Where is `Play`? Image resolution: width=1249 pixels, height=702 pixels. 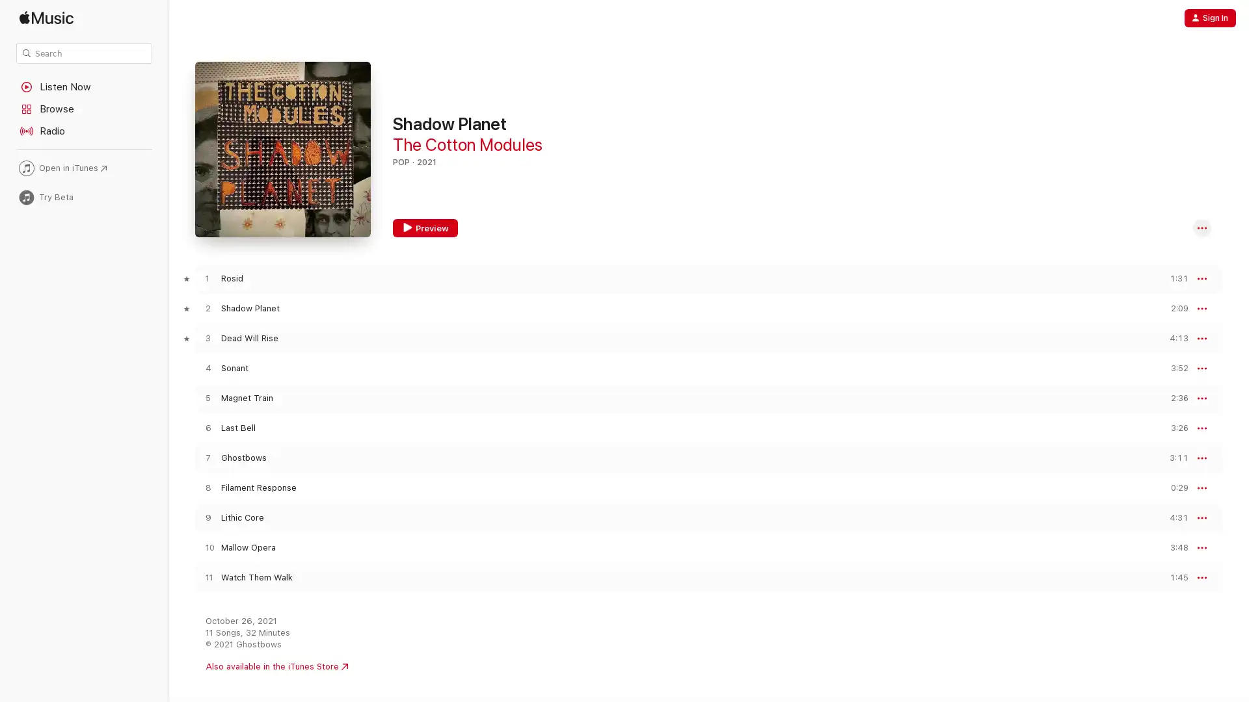 Play is located at coordinates (207, 547).